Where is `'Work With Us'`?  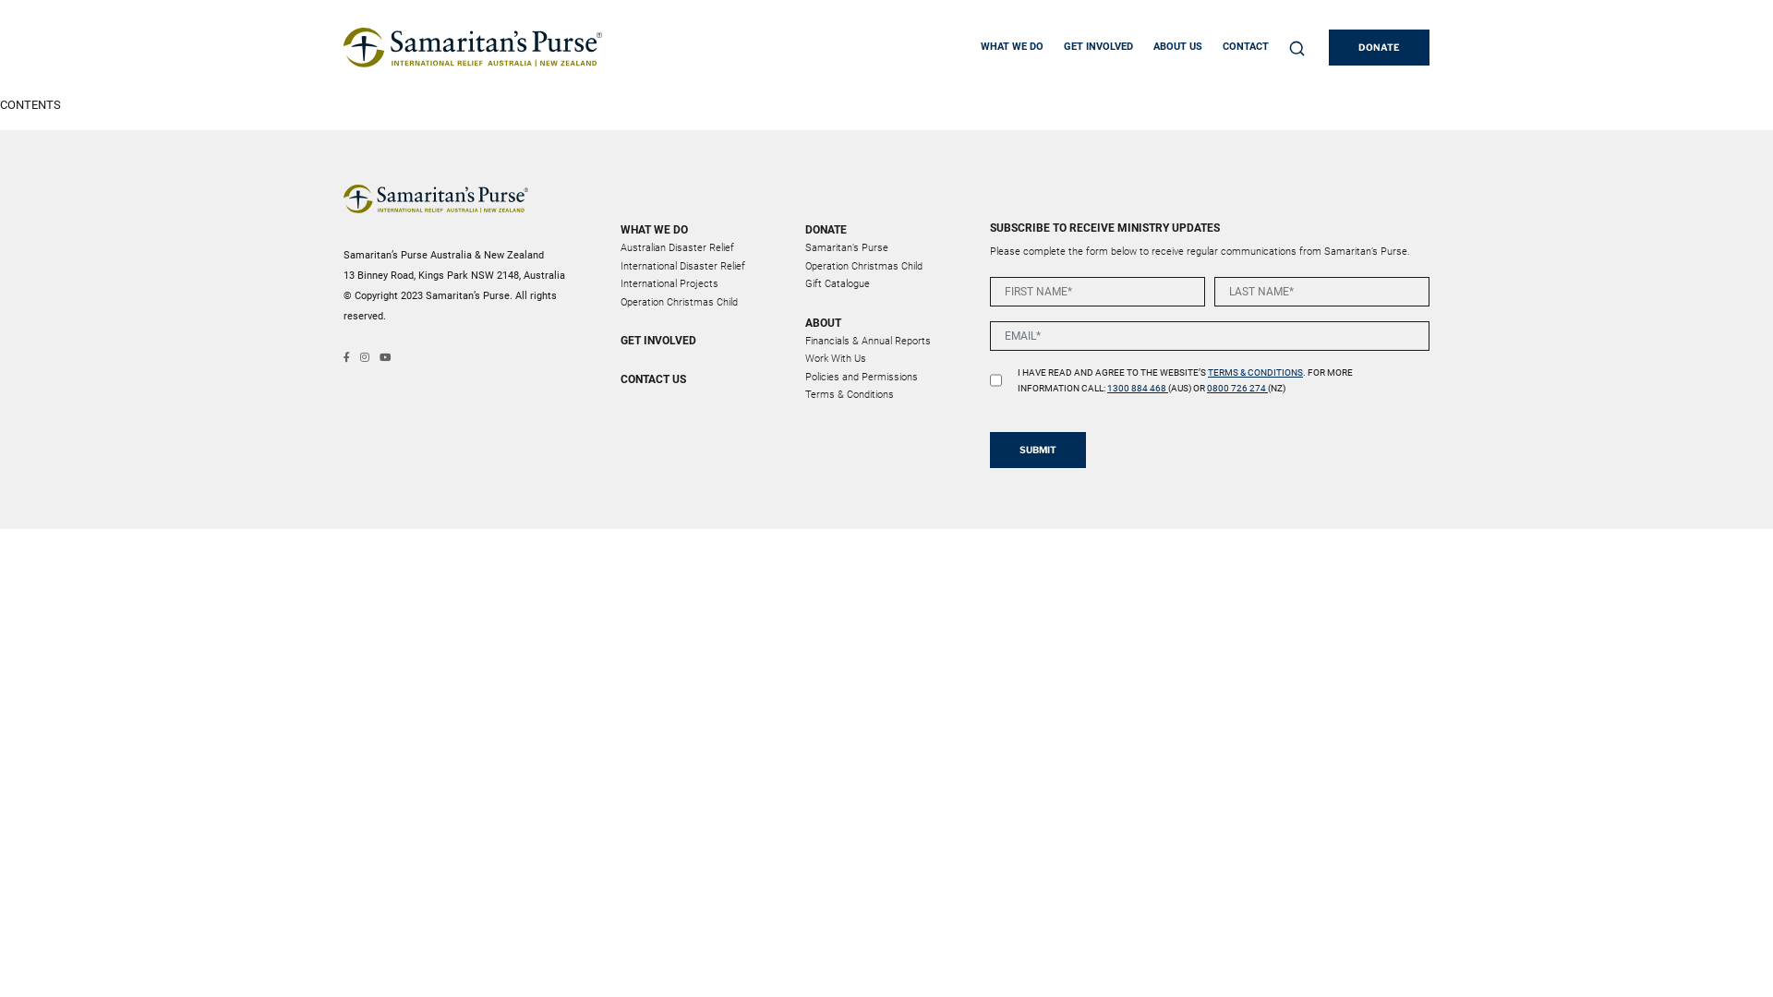 'Work With Us' is located at coordinates (835, 358).